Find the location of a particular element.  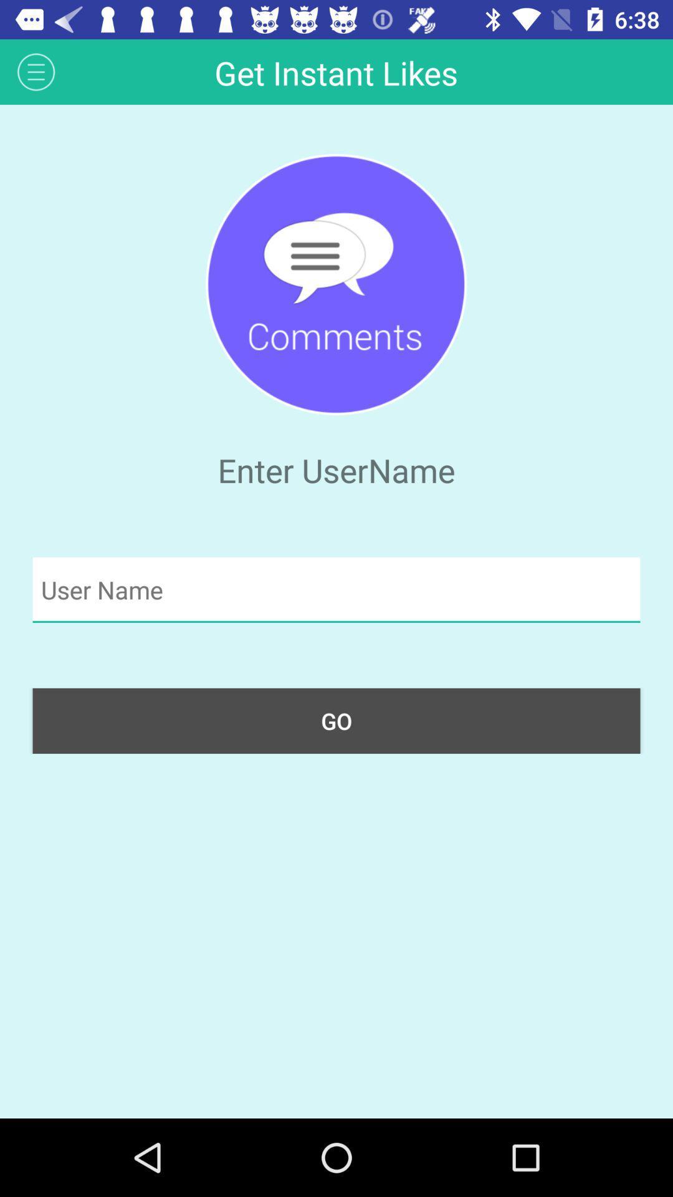

icon at the top left corner is located at coordinates (36, 71).